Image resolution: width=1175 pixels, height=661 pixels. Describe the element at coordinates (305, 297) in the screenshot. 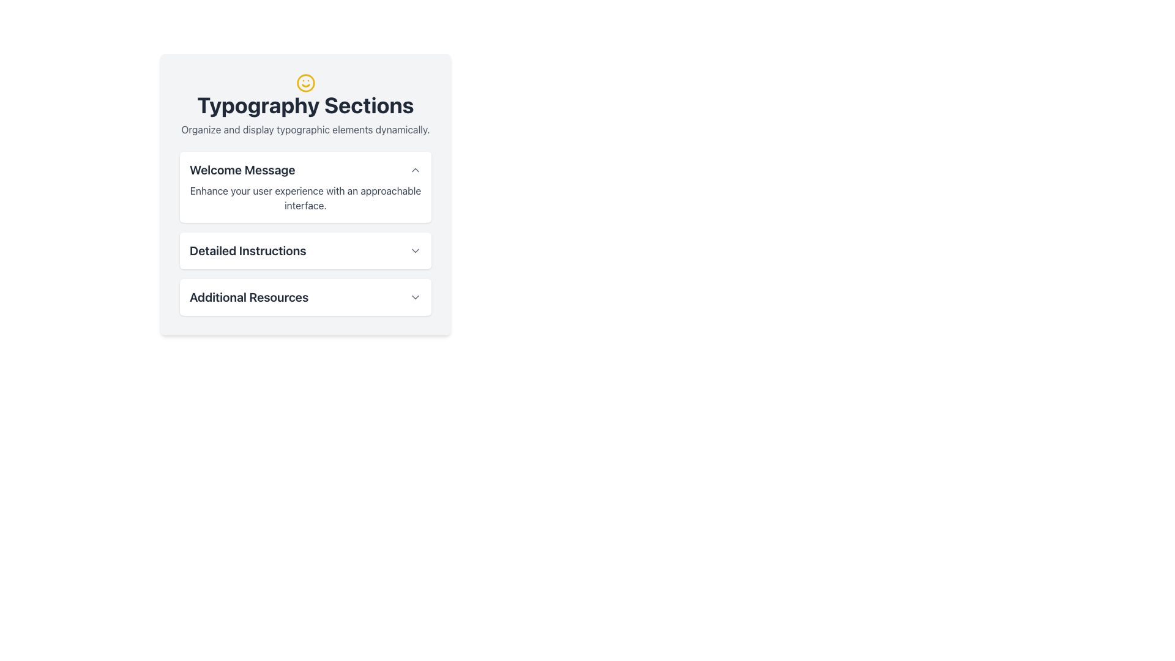

I see `the 'Additional Resources' label with the dropdown trigger` at that location.